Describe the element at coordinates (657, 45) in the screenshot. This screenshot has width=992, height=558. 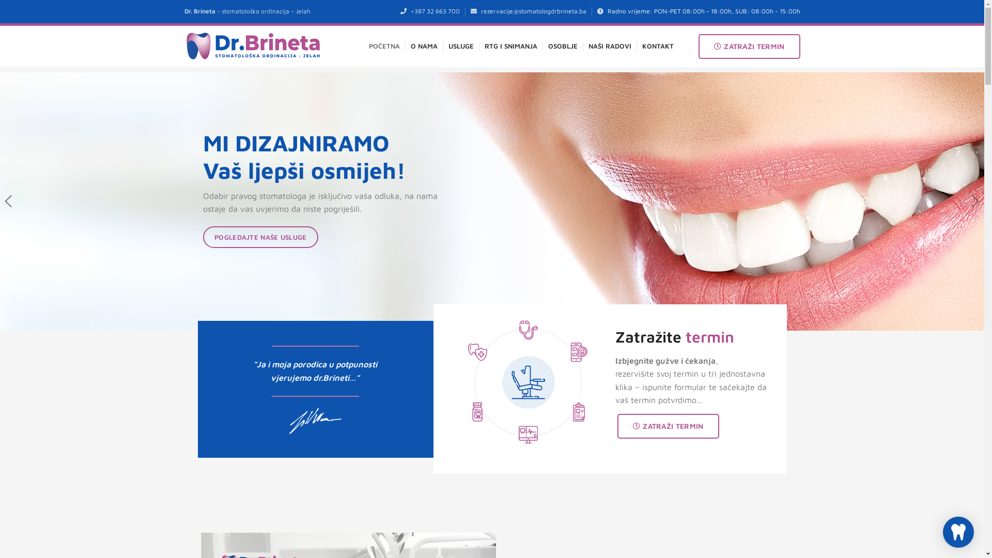
I see `'KONTAKT'` at that location.